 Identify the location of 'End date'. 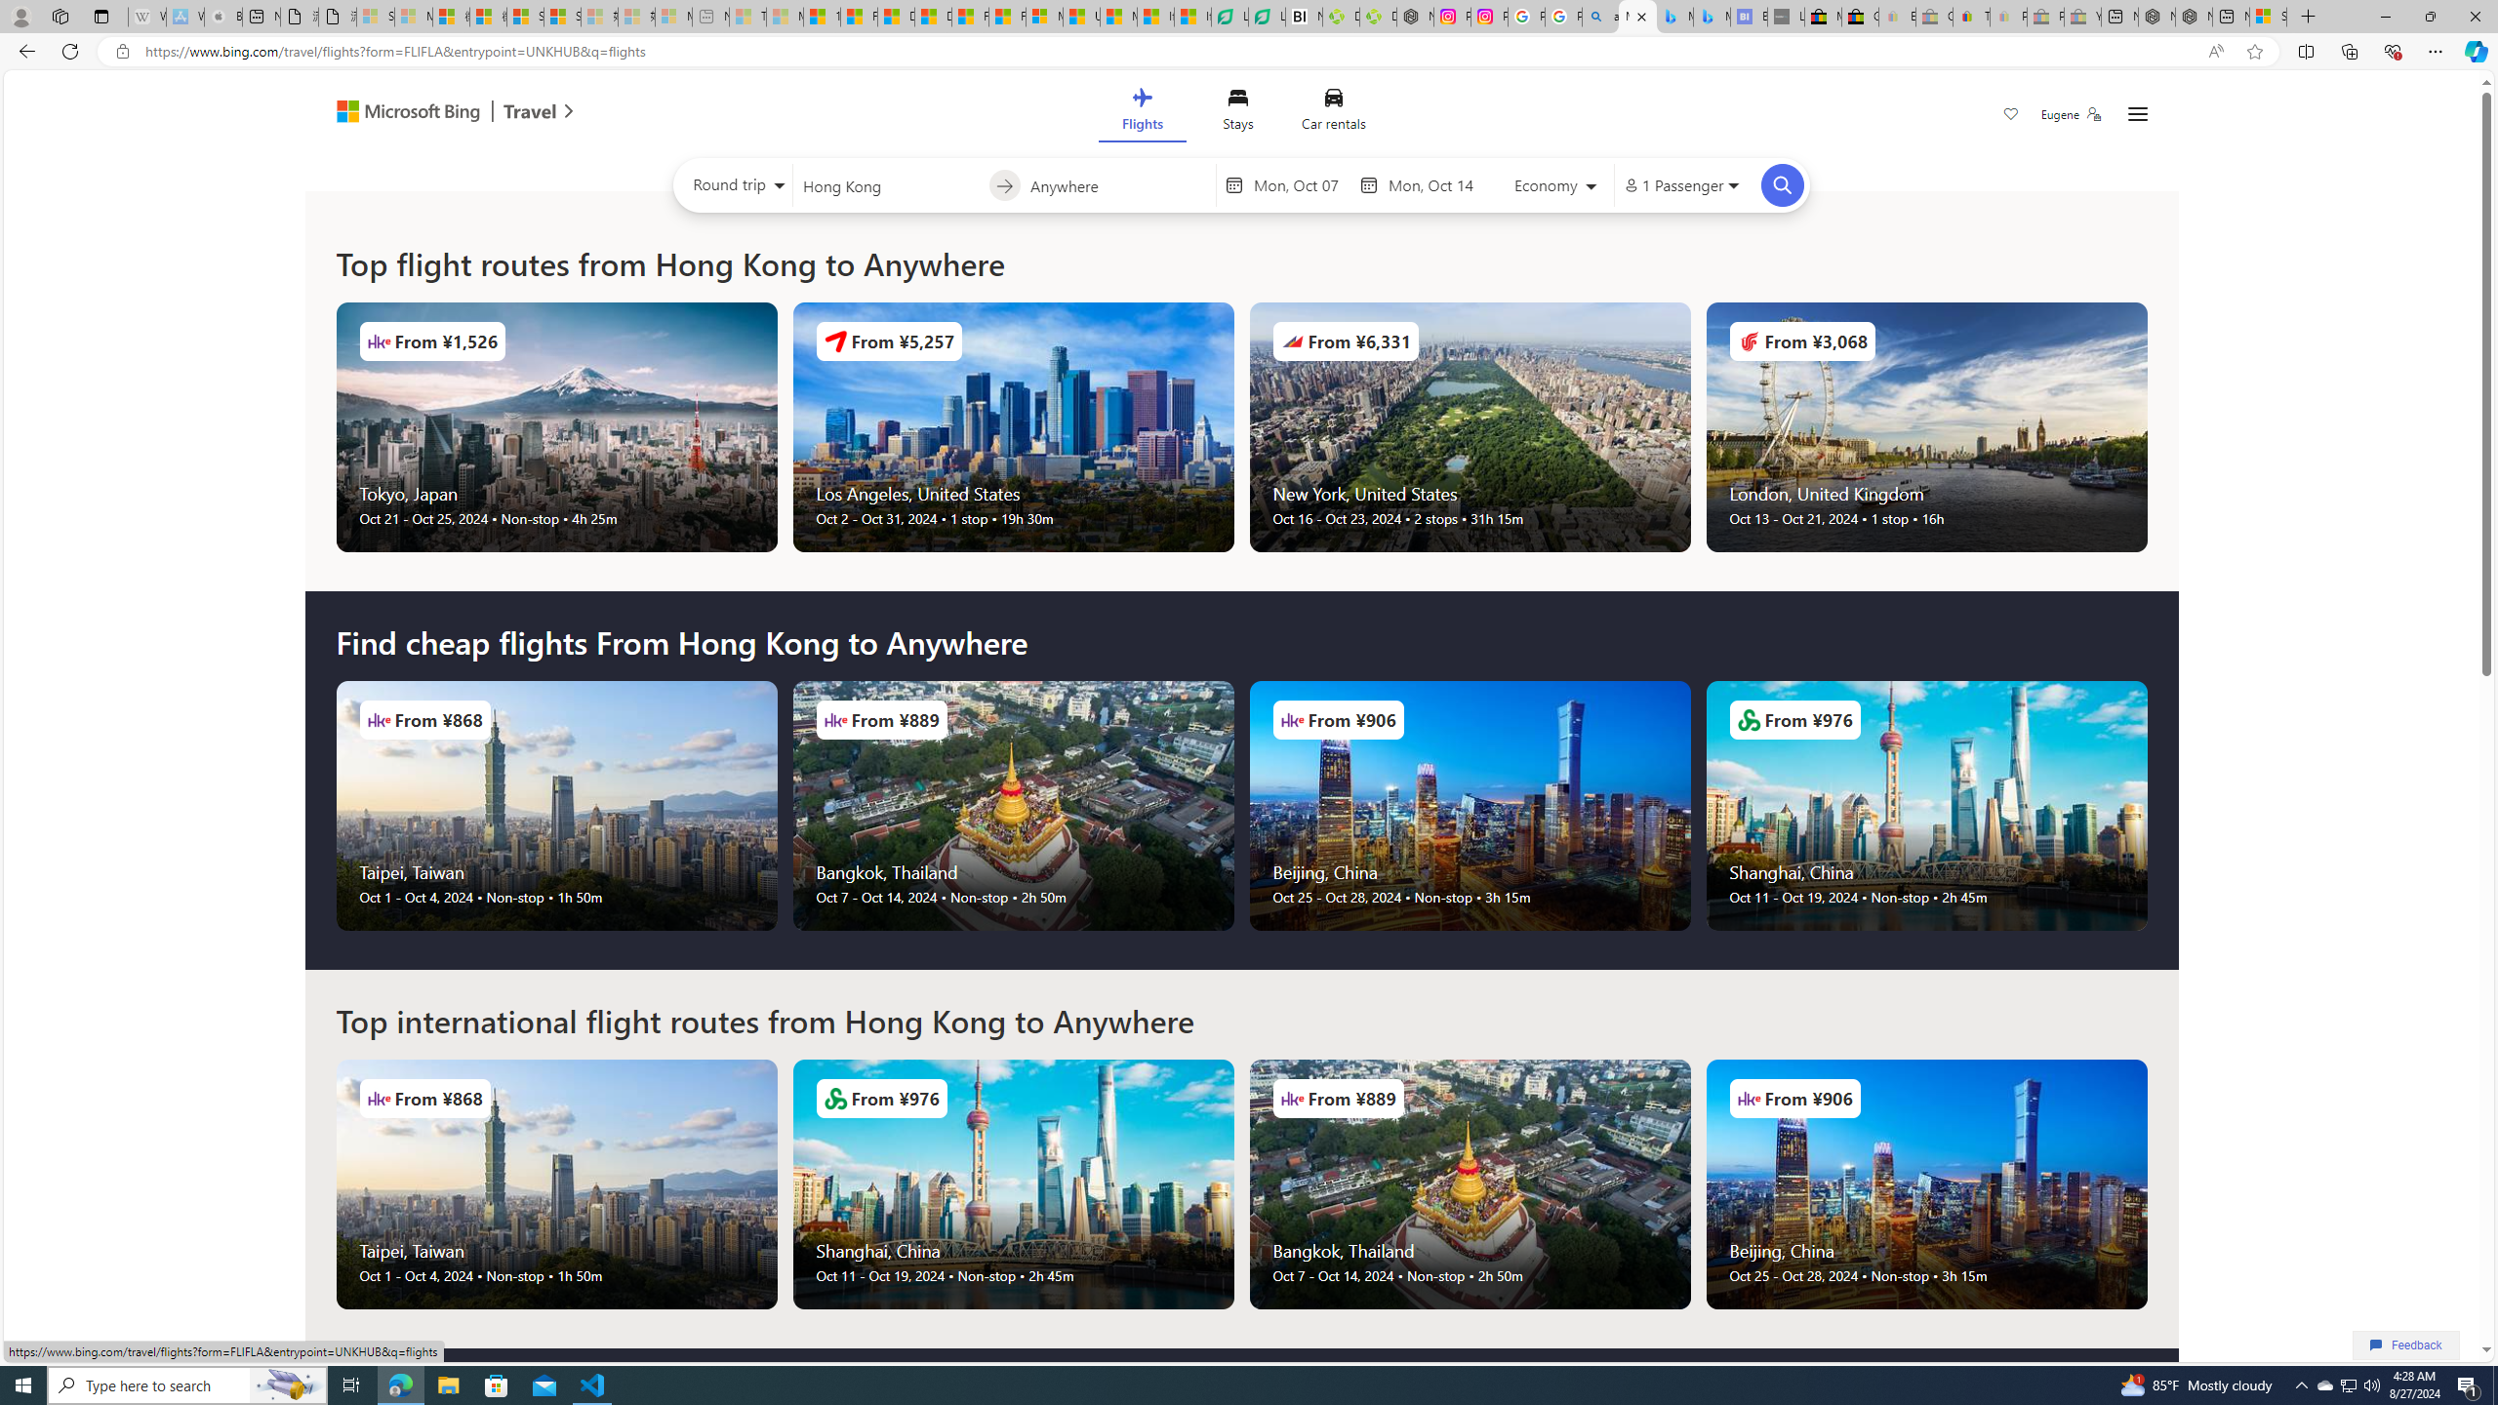
(1433, 184).